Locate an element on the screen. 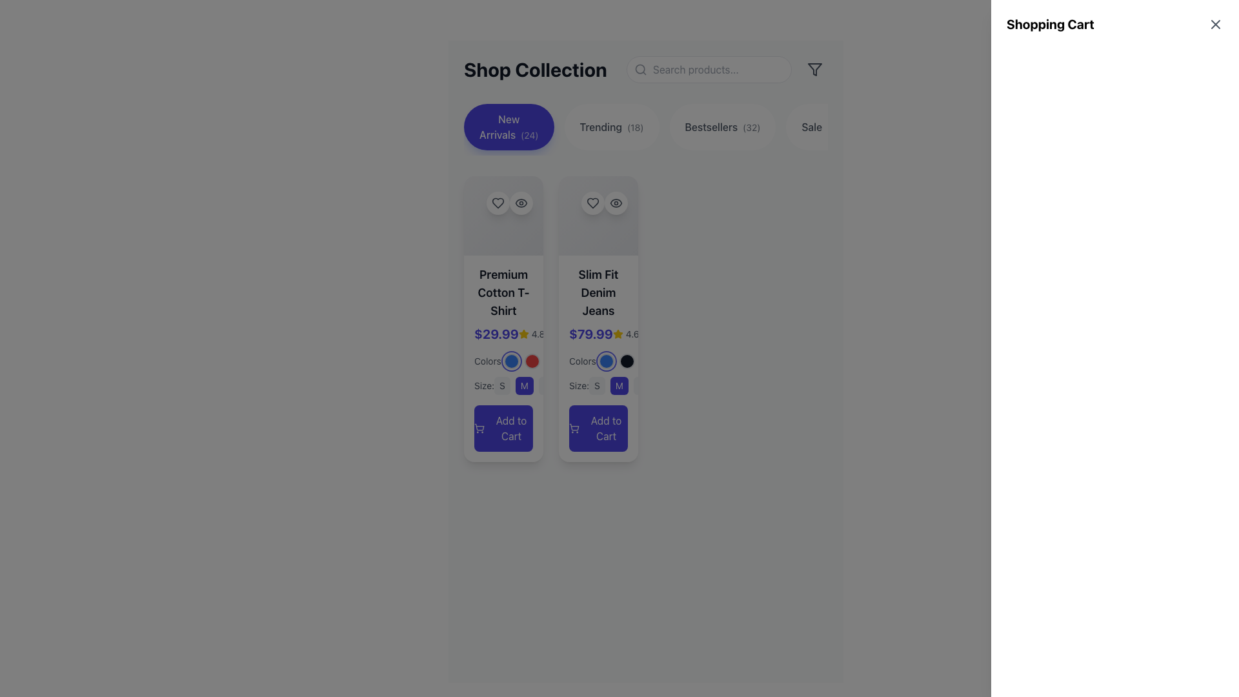 The image size is (1239, 697). the static label text 'Size:' which is styled in gray color and positioned to the left of the size options ('S', 'M', 'L', 'XL') is located at coordinates (578, 385).